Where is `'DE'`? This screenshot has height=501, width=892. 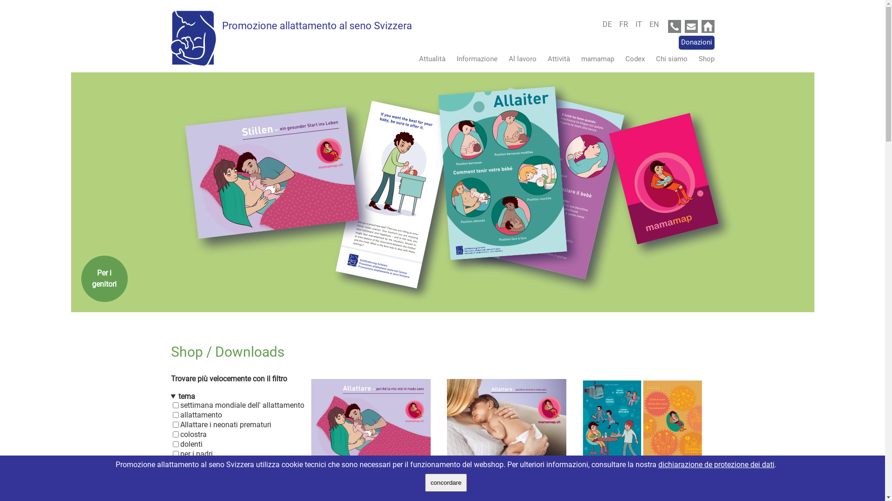 'DE' is located at coordinates (609, 24).